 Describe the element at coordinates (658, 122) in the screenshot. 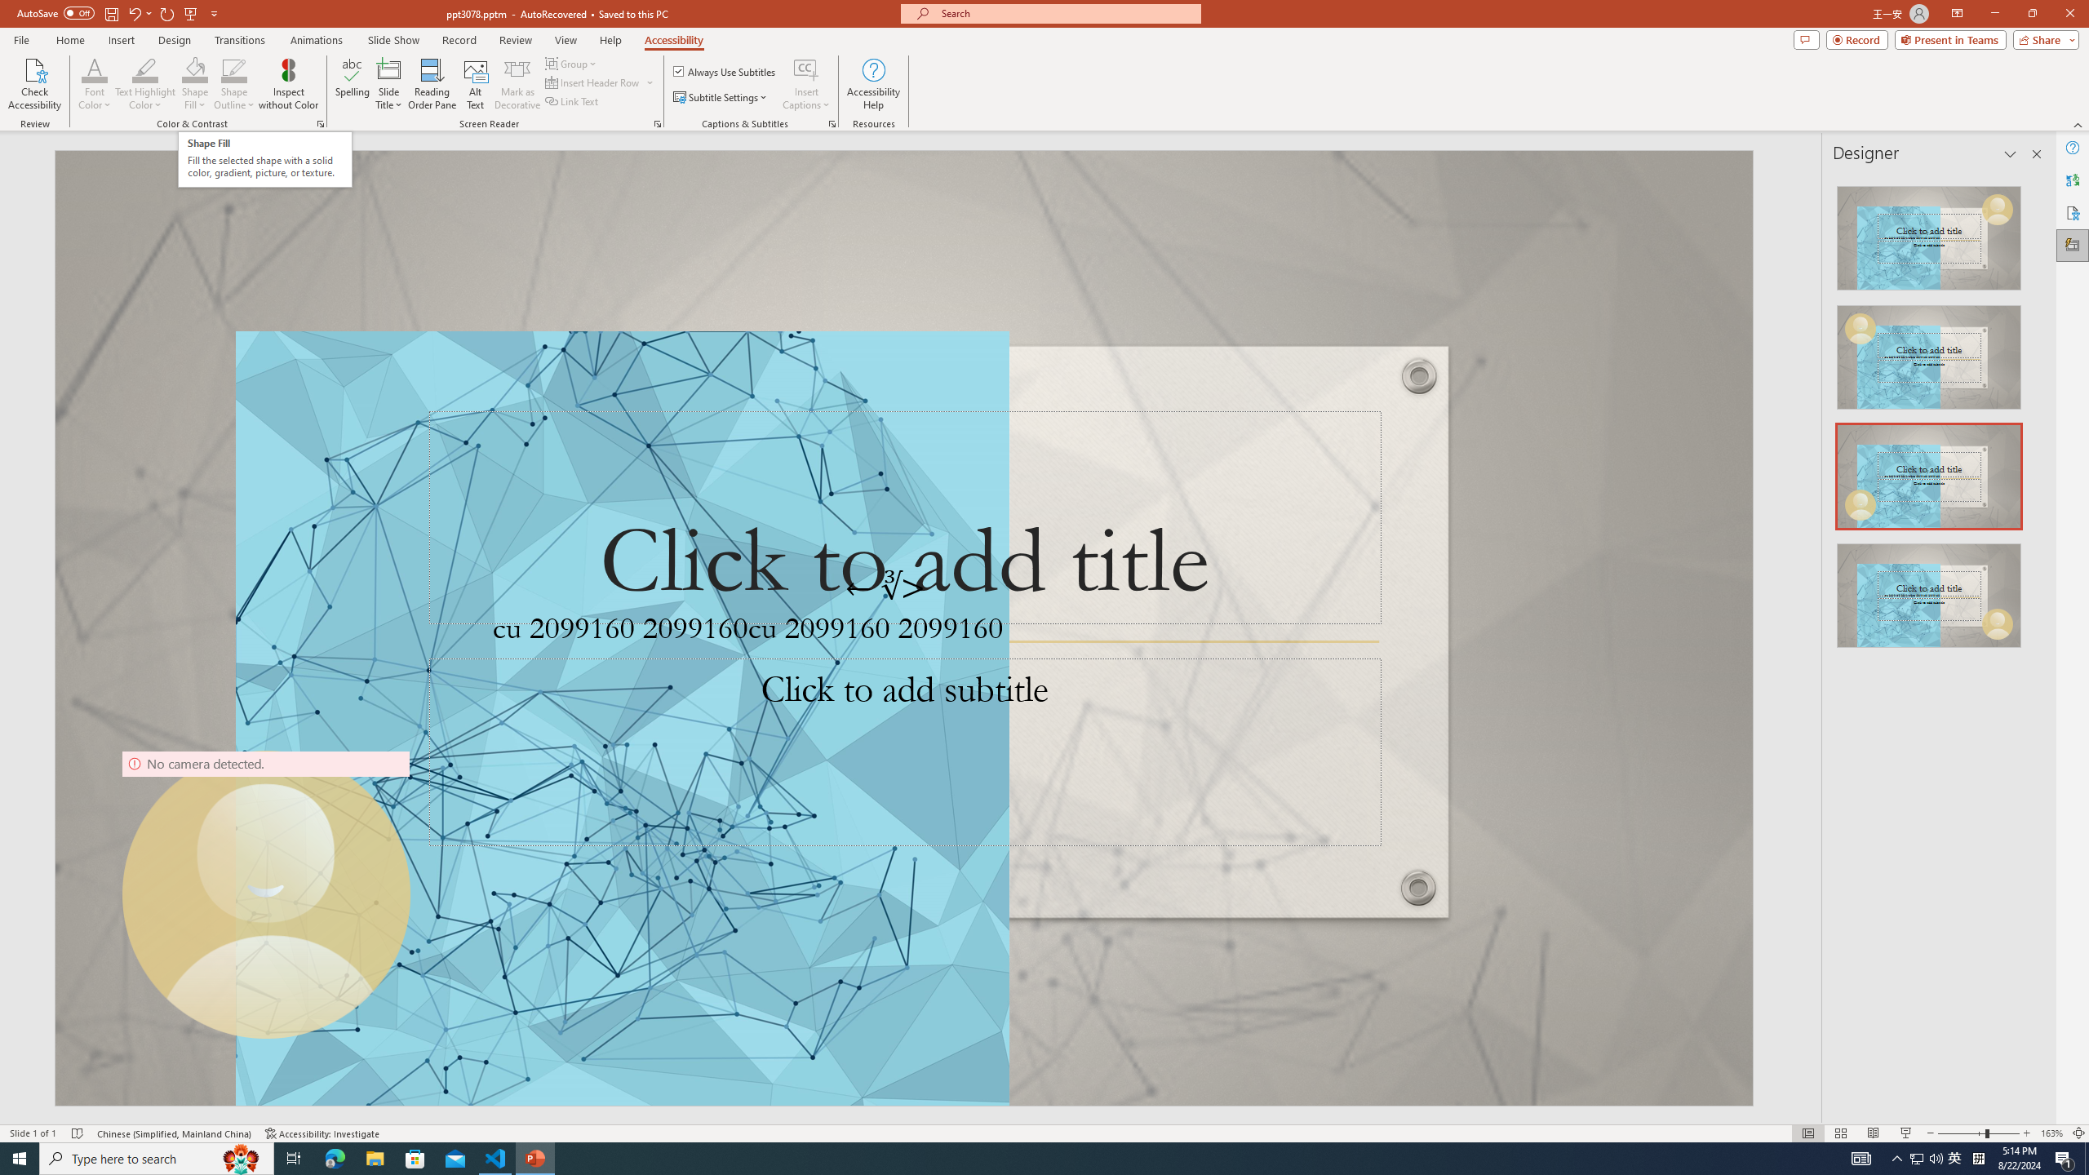

I see `'Screen Reader'` at that location.